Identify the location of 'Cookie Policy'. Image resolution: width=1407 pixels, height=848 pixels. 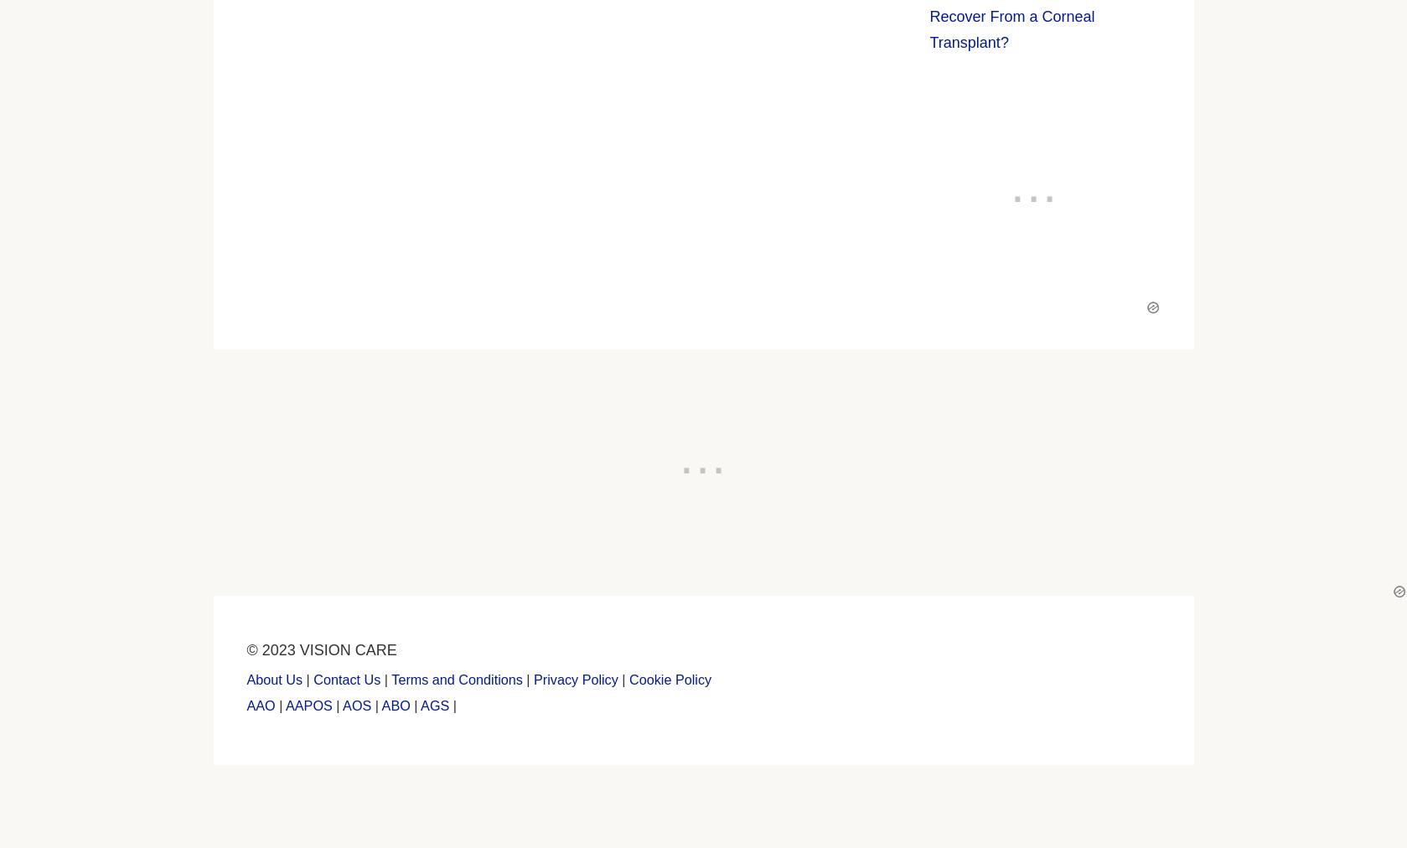
(670, 679).